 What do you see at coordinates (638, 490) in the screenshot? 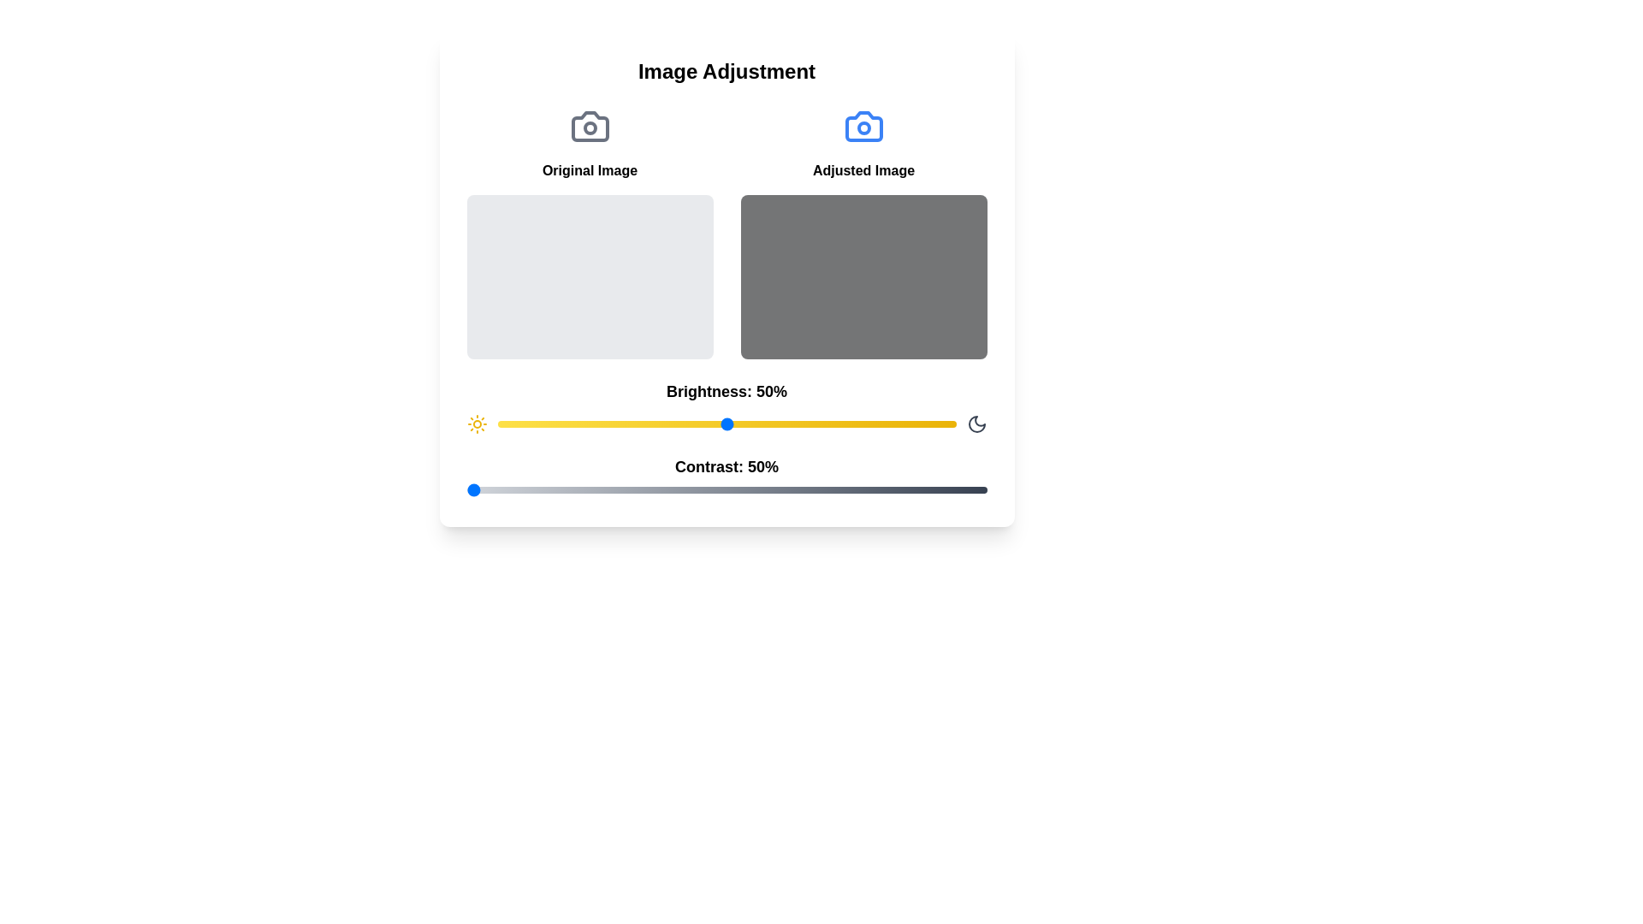
I see `the contrast` at bounding box center [638, 490].